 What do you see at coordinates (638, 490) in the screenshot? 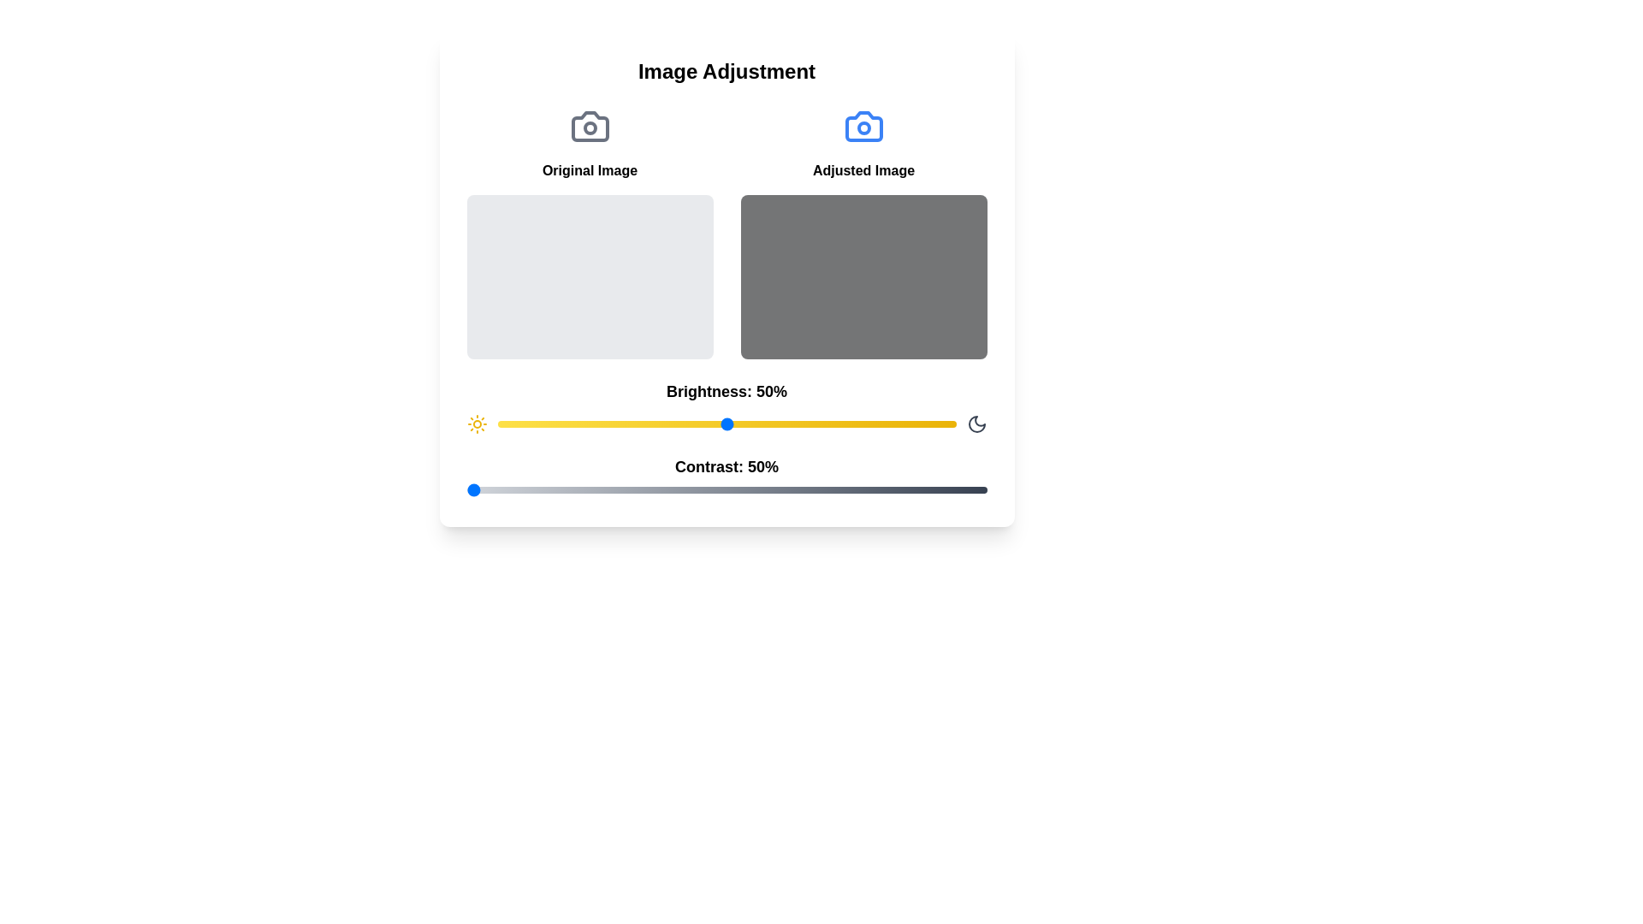
I see `the contrast` at bounding box center [638, 490].